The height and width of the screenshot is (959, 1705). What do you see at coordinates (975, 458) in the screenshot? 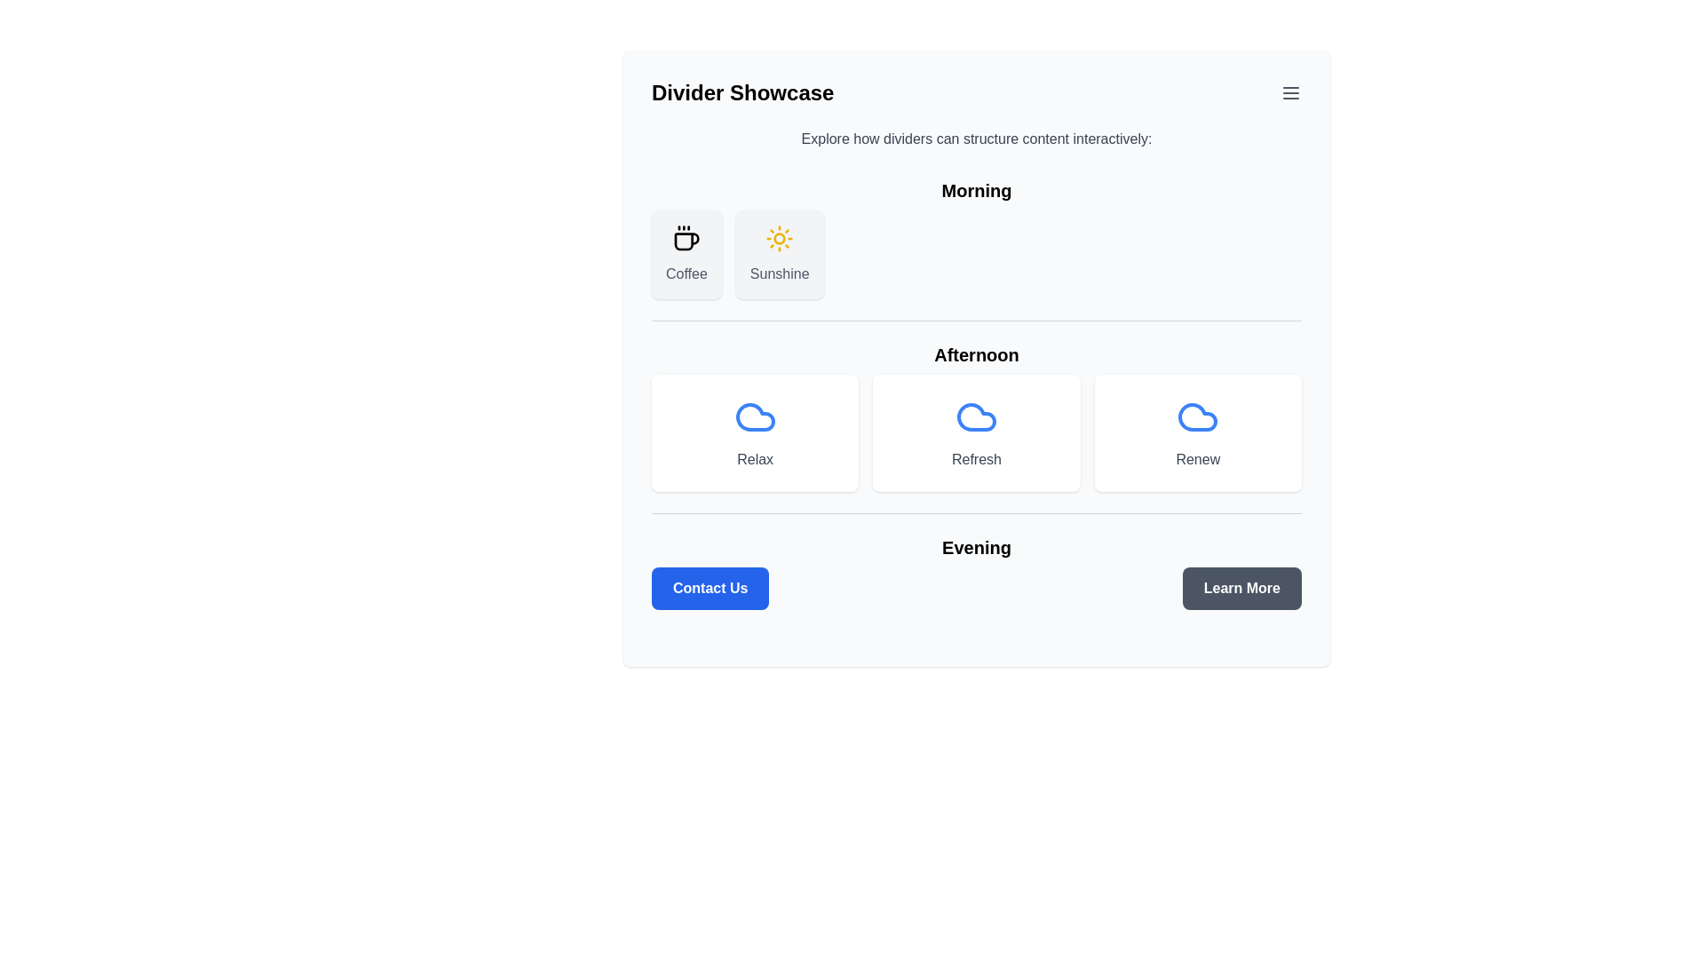
I see `the 'Refresh' text label, which is styled with light gray color and is centrally aligned below the middle icon in the 'Afternoon' section` at bounding box center [975, 458].